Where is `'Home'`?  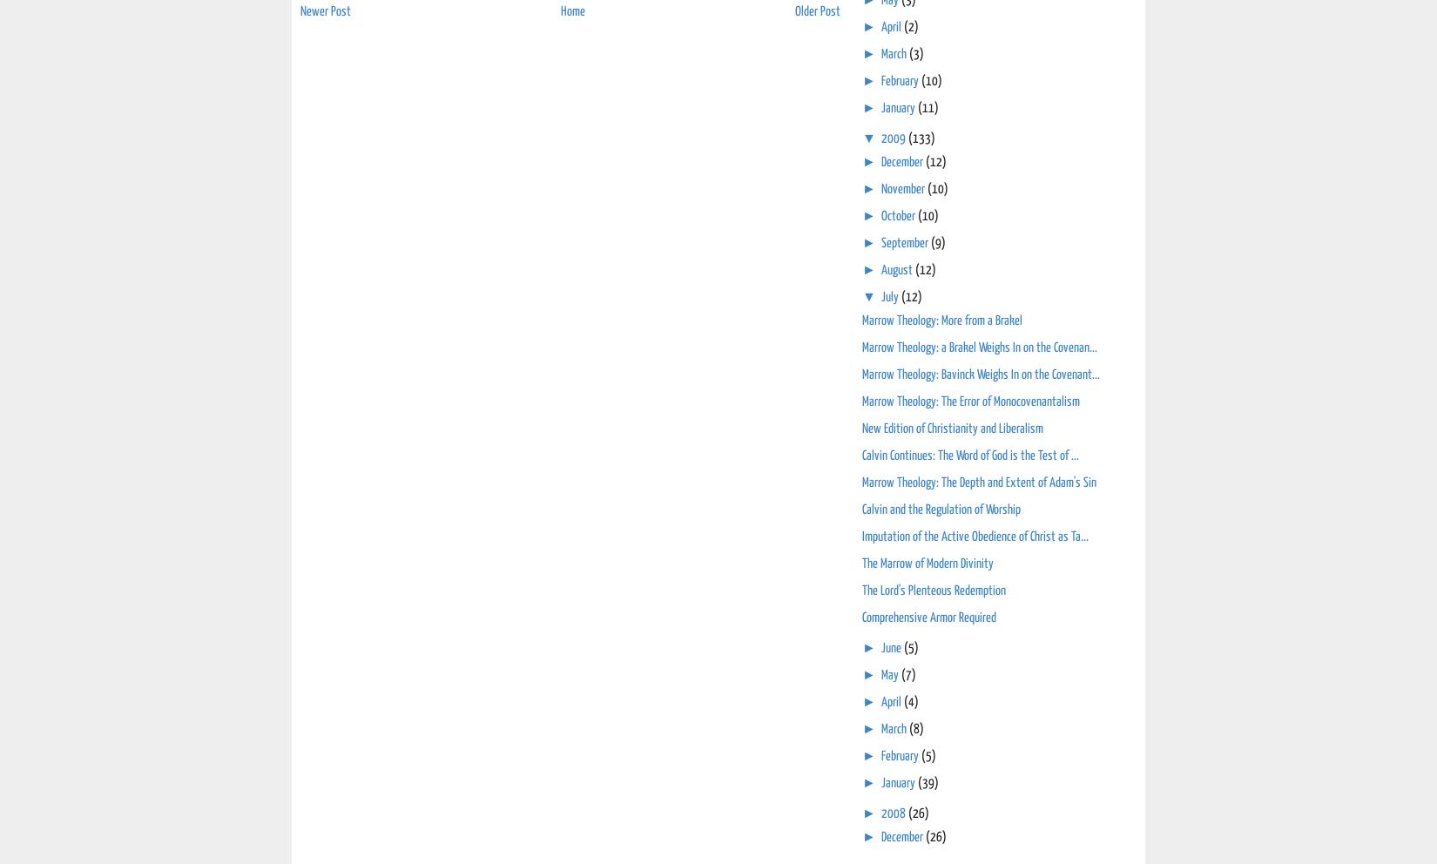
'Home' is located at coordinates (559, 10).